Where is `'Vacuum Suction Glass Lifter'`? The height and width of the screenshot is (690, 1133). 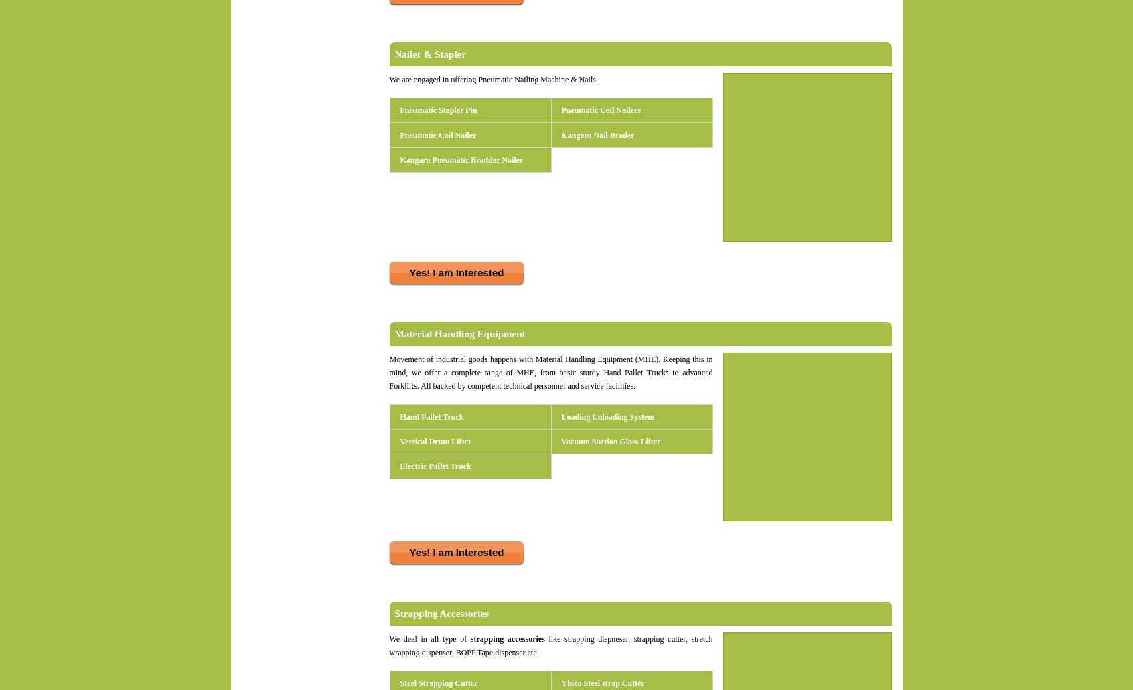
'Vacuum Suction Glass Lifter' is located at coordinates (609, 442).